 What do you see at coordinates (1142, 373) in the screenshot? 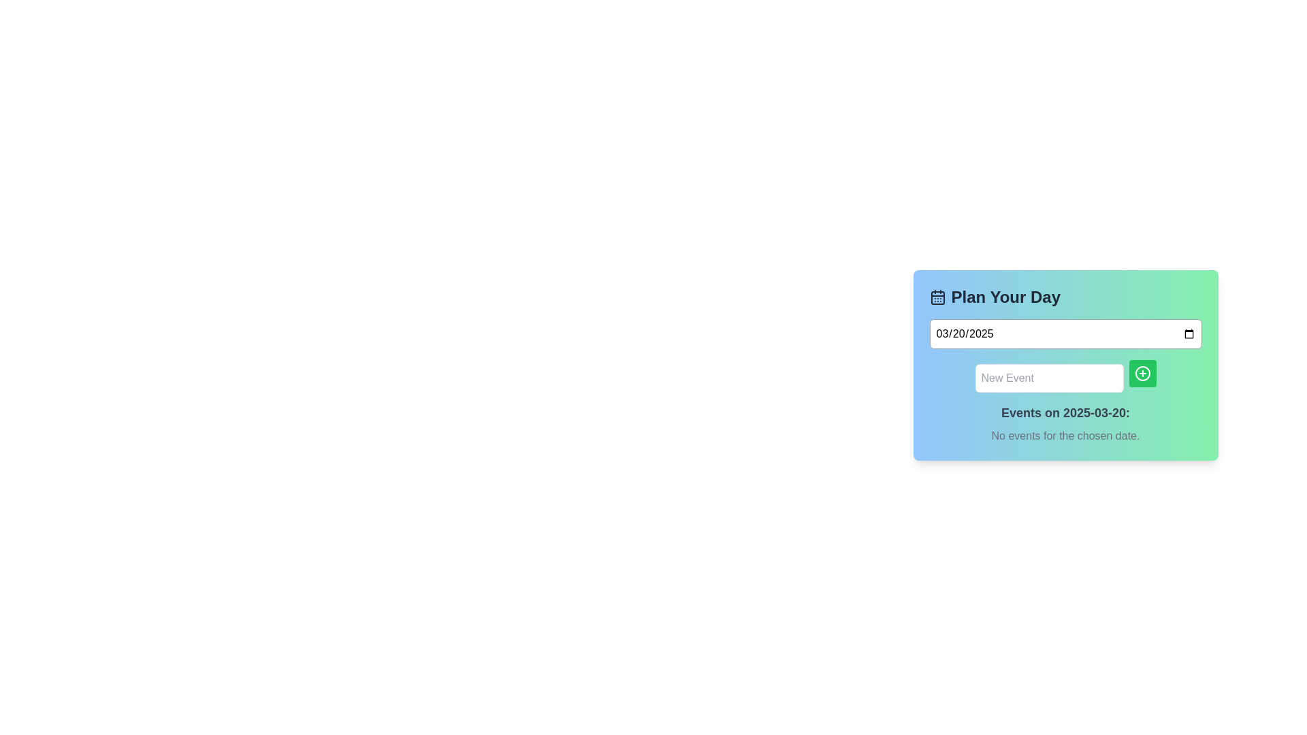
I see `the green circular button with a white plus symbol located to the right of the text input field` at bounding box center [1142, 373].